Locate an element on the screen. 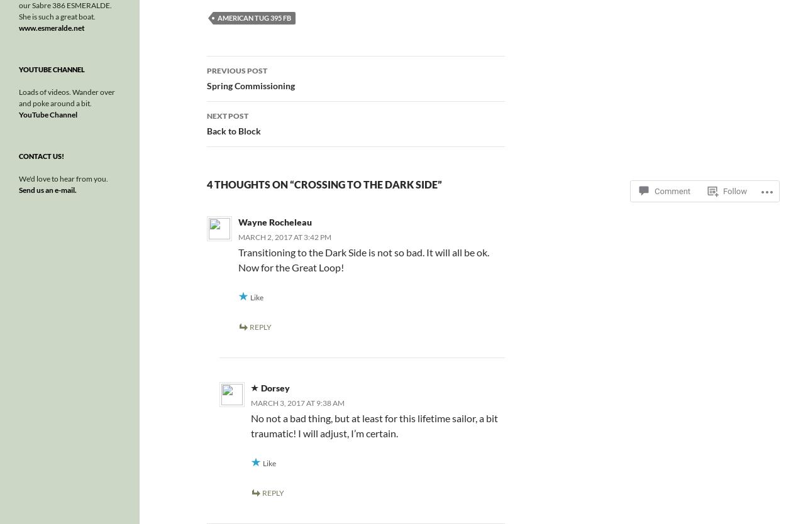  'March 2, 2017 at 3:42 pm' is located at coordinates (283, 236).